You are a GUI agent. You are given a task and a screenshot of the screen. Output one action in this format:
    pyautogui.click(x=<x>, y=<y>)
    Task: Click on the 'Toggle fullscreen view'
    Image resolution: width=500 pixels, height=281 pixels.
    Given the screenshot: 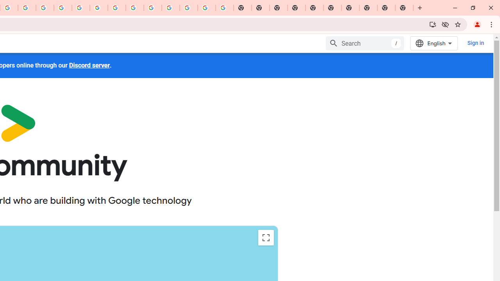 What is the action you would take?
    pyautogui.click(x=266, y=237)
    